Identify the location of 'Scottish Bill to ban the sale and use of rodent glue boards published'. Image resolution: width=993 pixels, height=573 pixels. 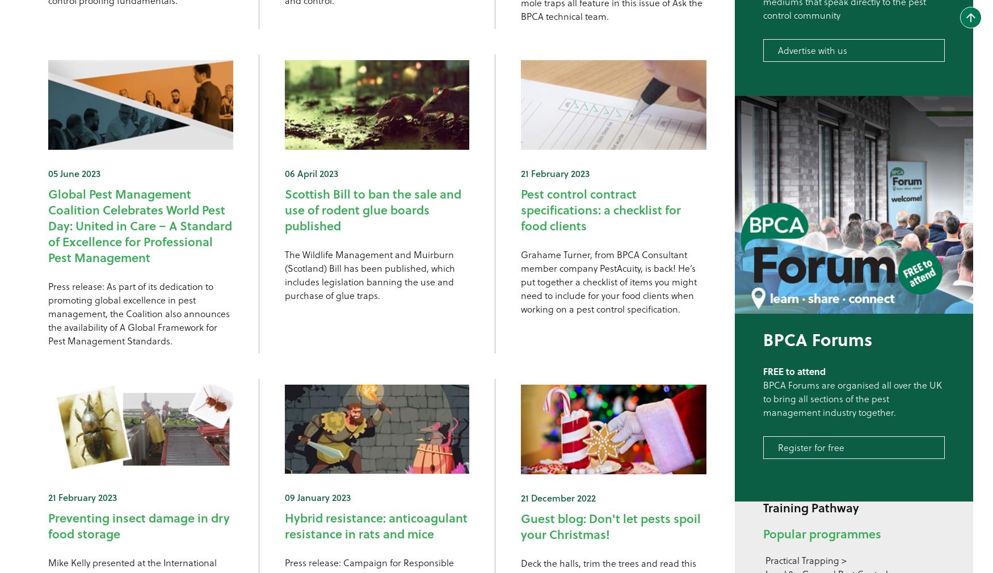
(372, 209).